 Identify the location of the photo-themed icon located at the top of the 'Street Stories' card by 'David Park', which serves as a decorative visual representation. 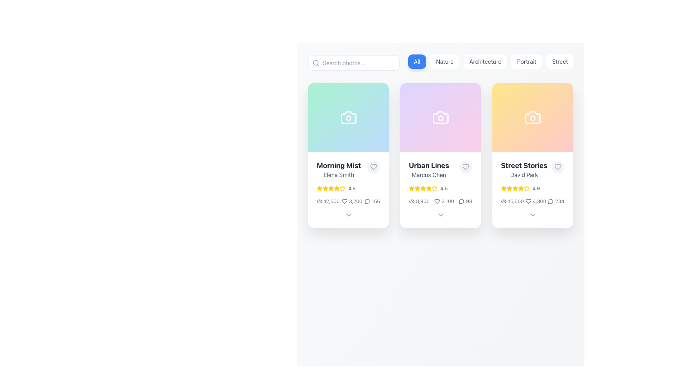
(532, 117).